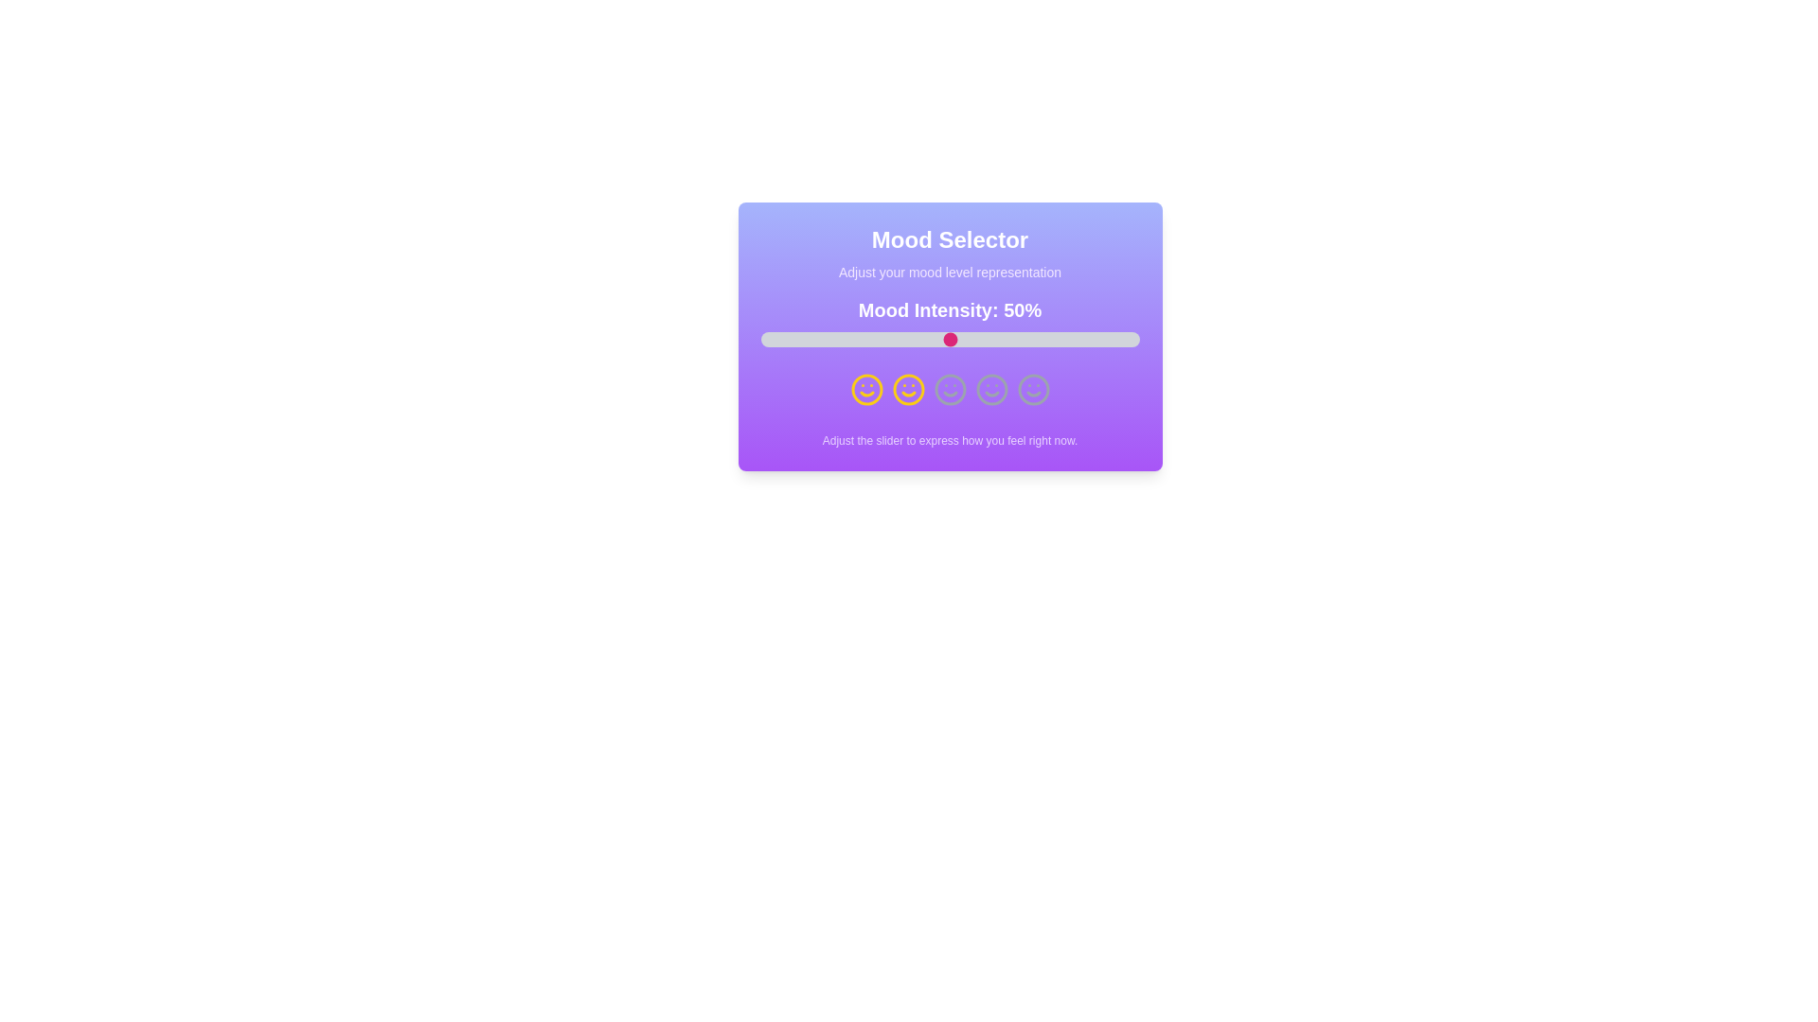  What do you see at coordinates (865, 389) in the screenshot?
I see `the smiley icon representing very sad mood` at bounding box center [865, 389].